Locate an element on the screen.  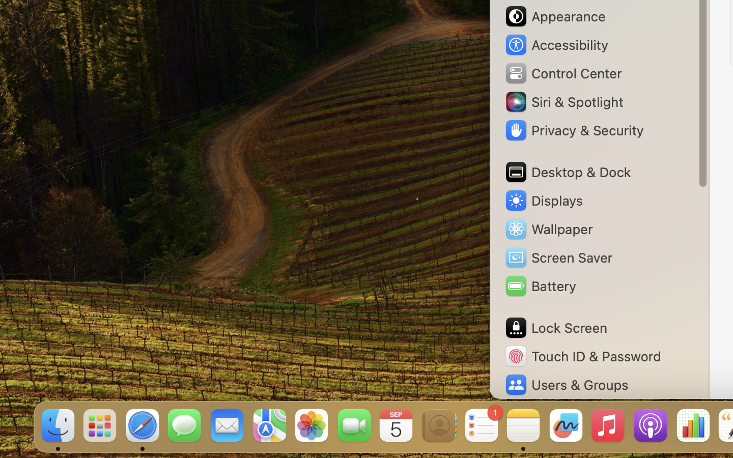
'Control Center' is located at coordinates (562, 73).